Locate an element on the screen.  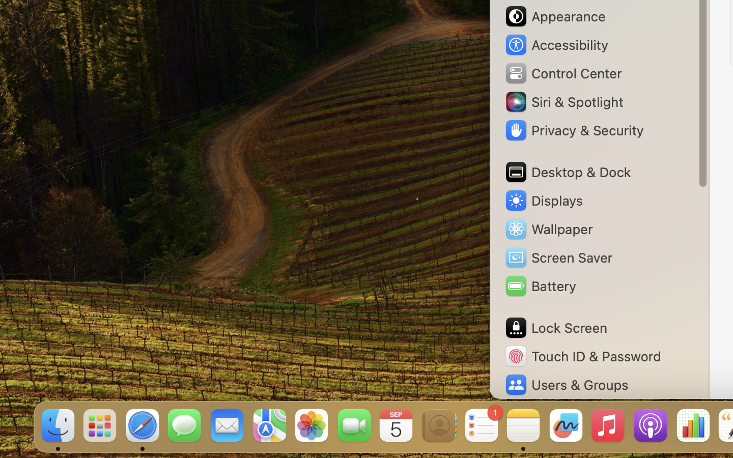
'Control Center' is located at coordinates (562, 73).